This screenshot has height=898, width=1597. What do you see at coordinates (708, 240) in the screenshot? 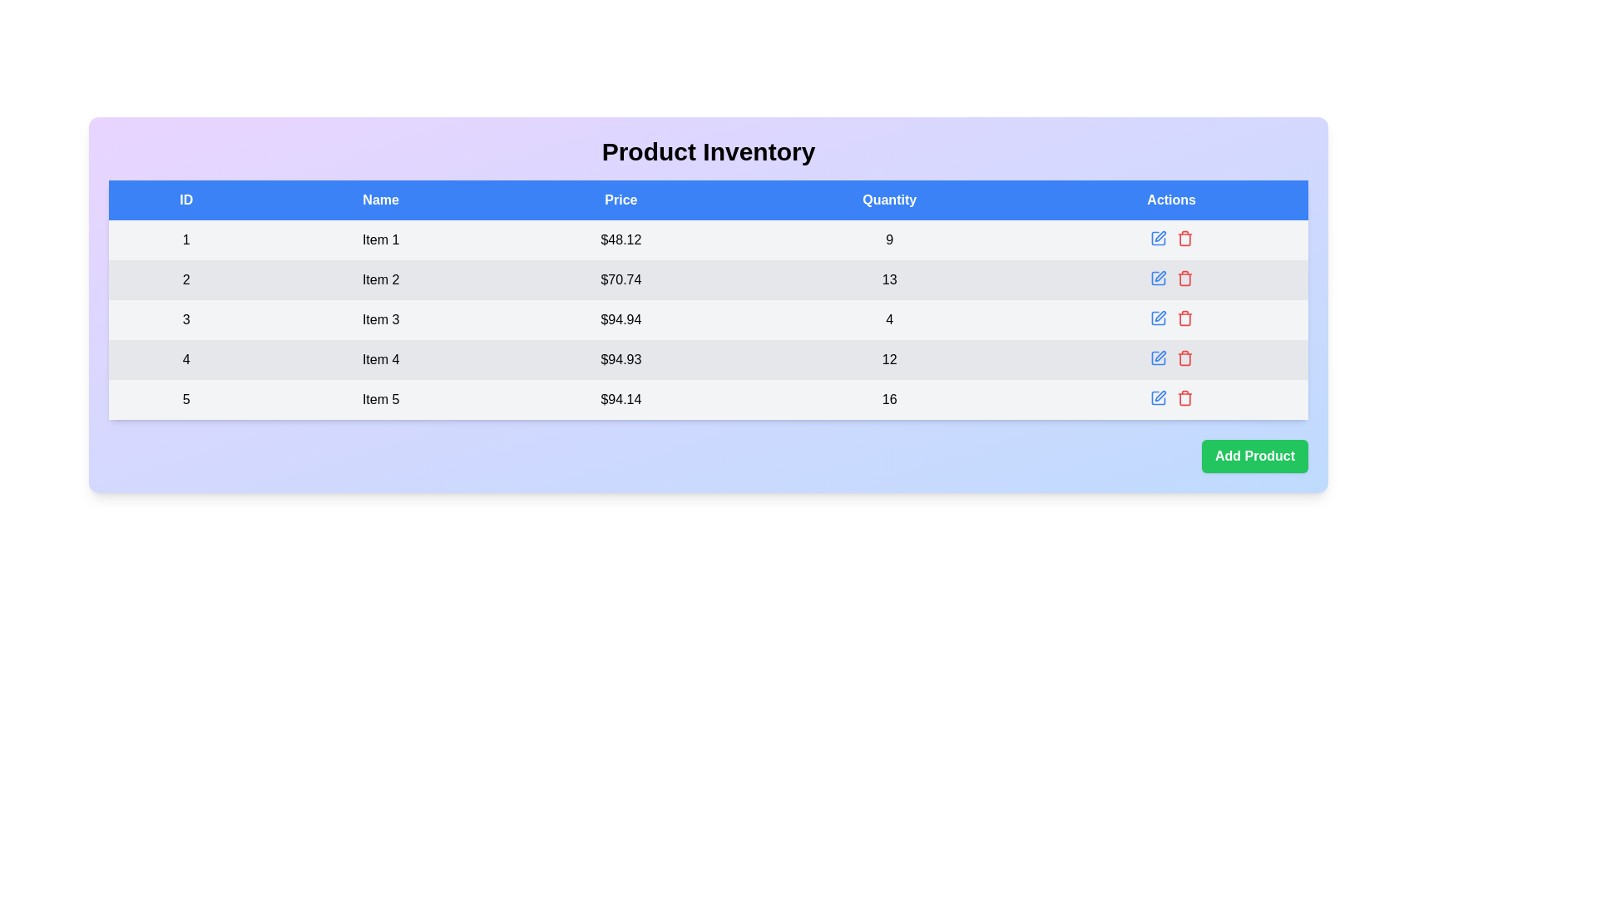
I see `the first row in the inventory table that displays product information, including ID, Name, Price, Quantity, and Actions` at bounding box center [708, 240].